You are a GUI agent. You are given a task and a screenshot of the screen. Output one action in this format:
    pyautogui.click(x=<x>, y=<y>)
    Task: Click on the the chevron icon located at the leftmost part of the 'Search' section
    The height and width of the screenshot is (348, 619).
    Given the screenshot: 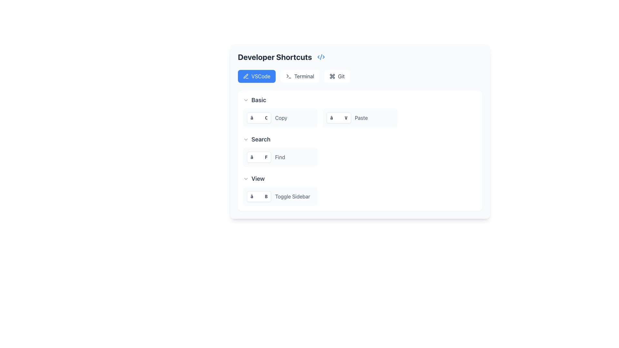 What is the action you would take?
    pyautogui.click(x=246, y=139)
    